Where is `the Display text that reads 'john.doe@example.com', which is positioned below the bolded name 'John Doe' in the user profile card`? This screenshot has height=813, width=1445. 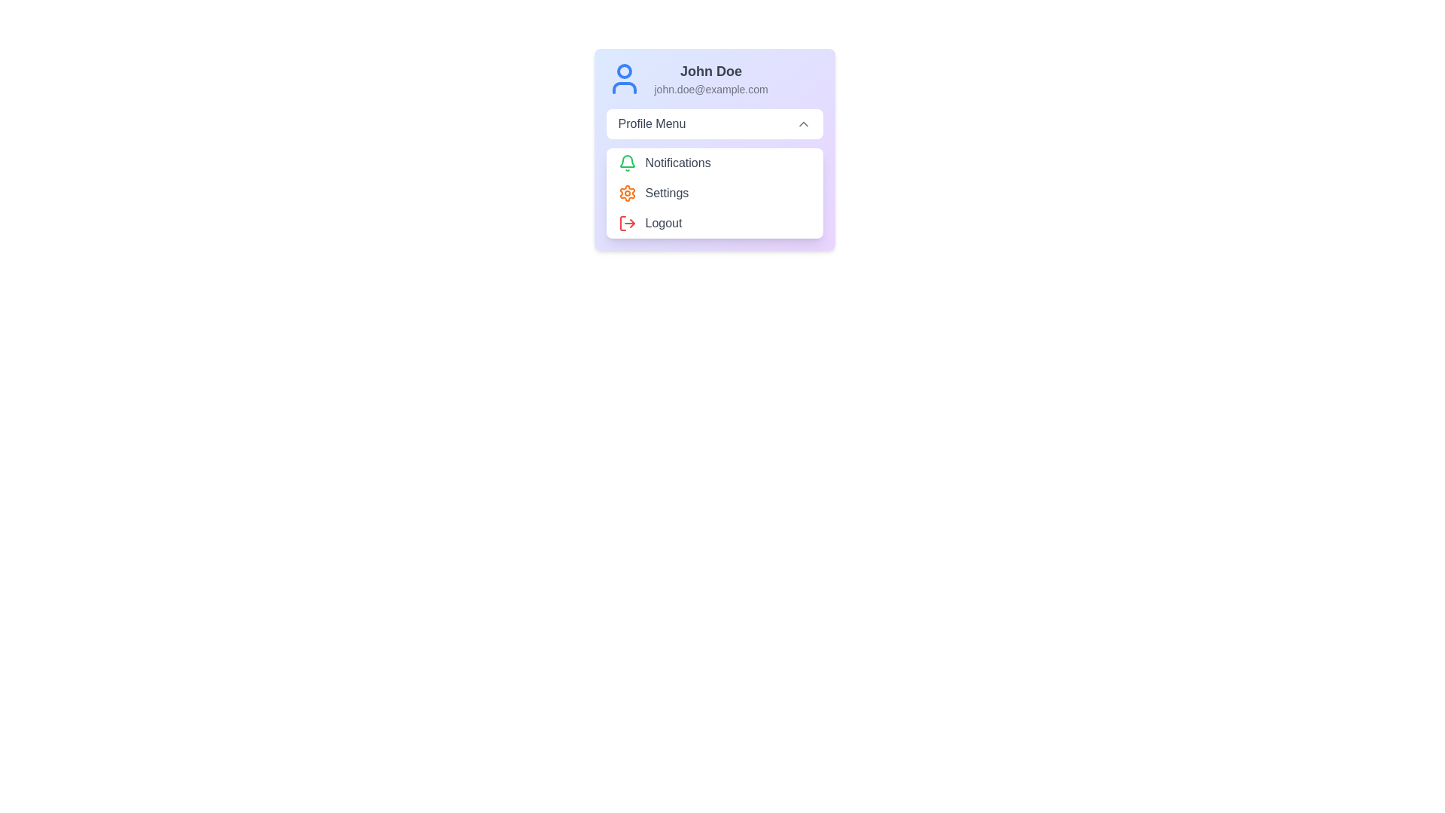
the Display text that reads 'john.doe@example.com', which is positioned below the bolded name 'John Doe' in the user profile card is located at coordinates (710, 90).